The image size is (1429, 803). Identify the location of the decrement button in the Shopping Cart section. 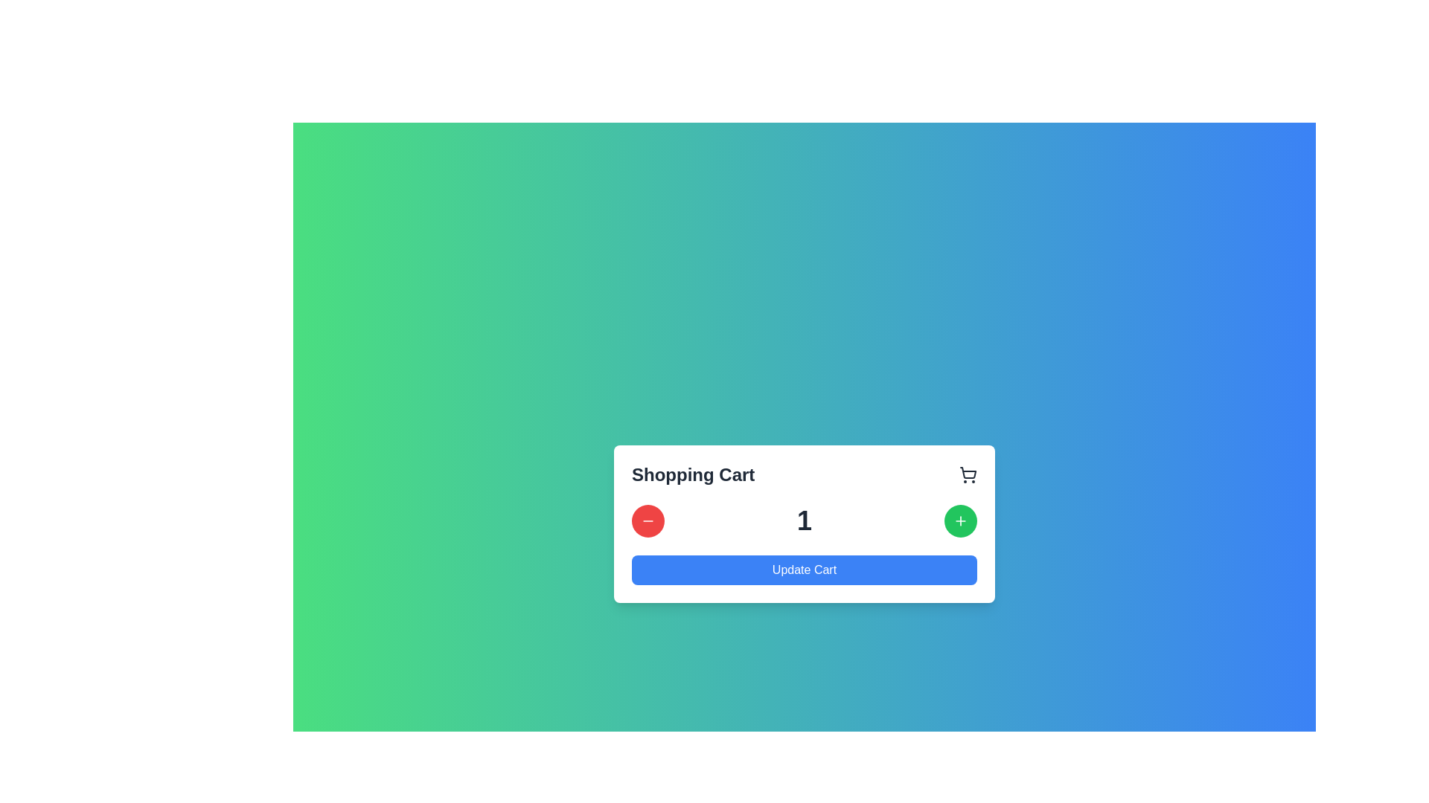
(648, 520).